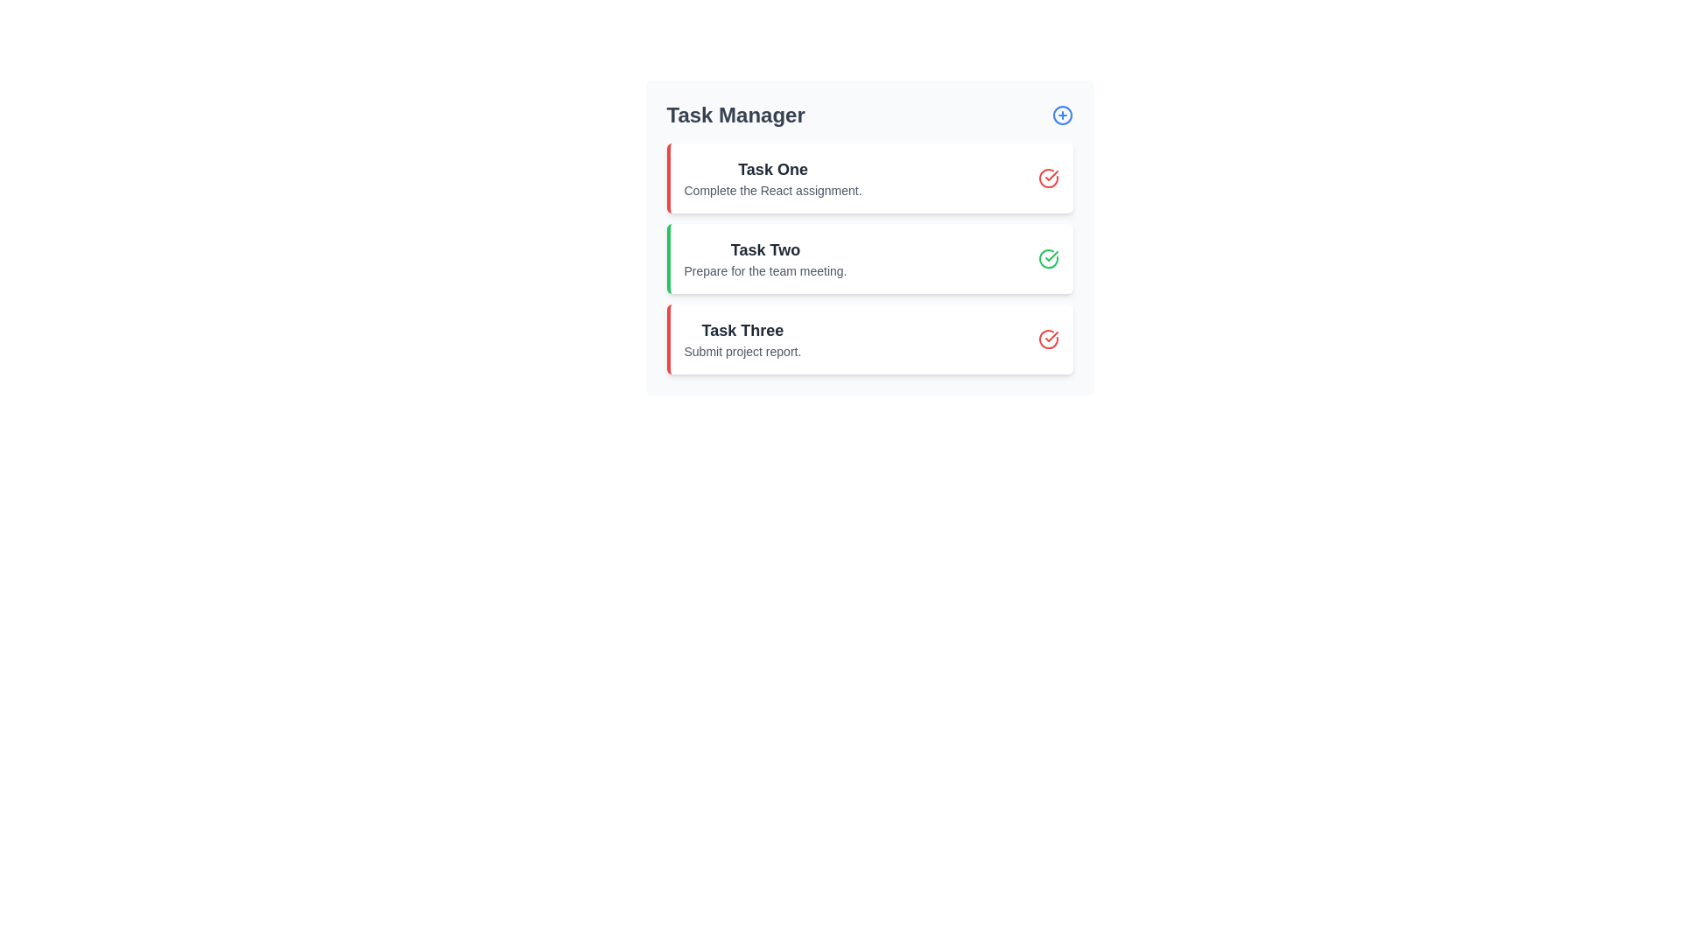 The height and width of the screenshot is (945, 1681). Describe the element at coordinates (1061, 115) in the screenshot. I see `the action button located in the top-right corner of the 'Task Manager' panel header` at that location.